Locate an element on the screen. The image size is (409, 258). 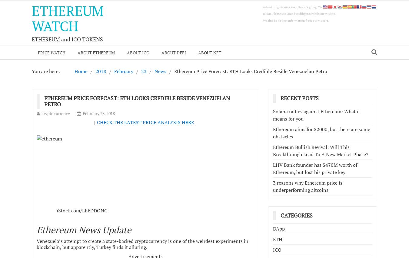
'DYOR. Please use your due diligence while on this site.' is located at coordinates (299, 14).